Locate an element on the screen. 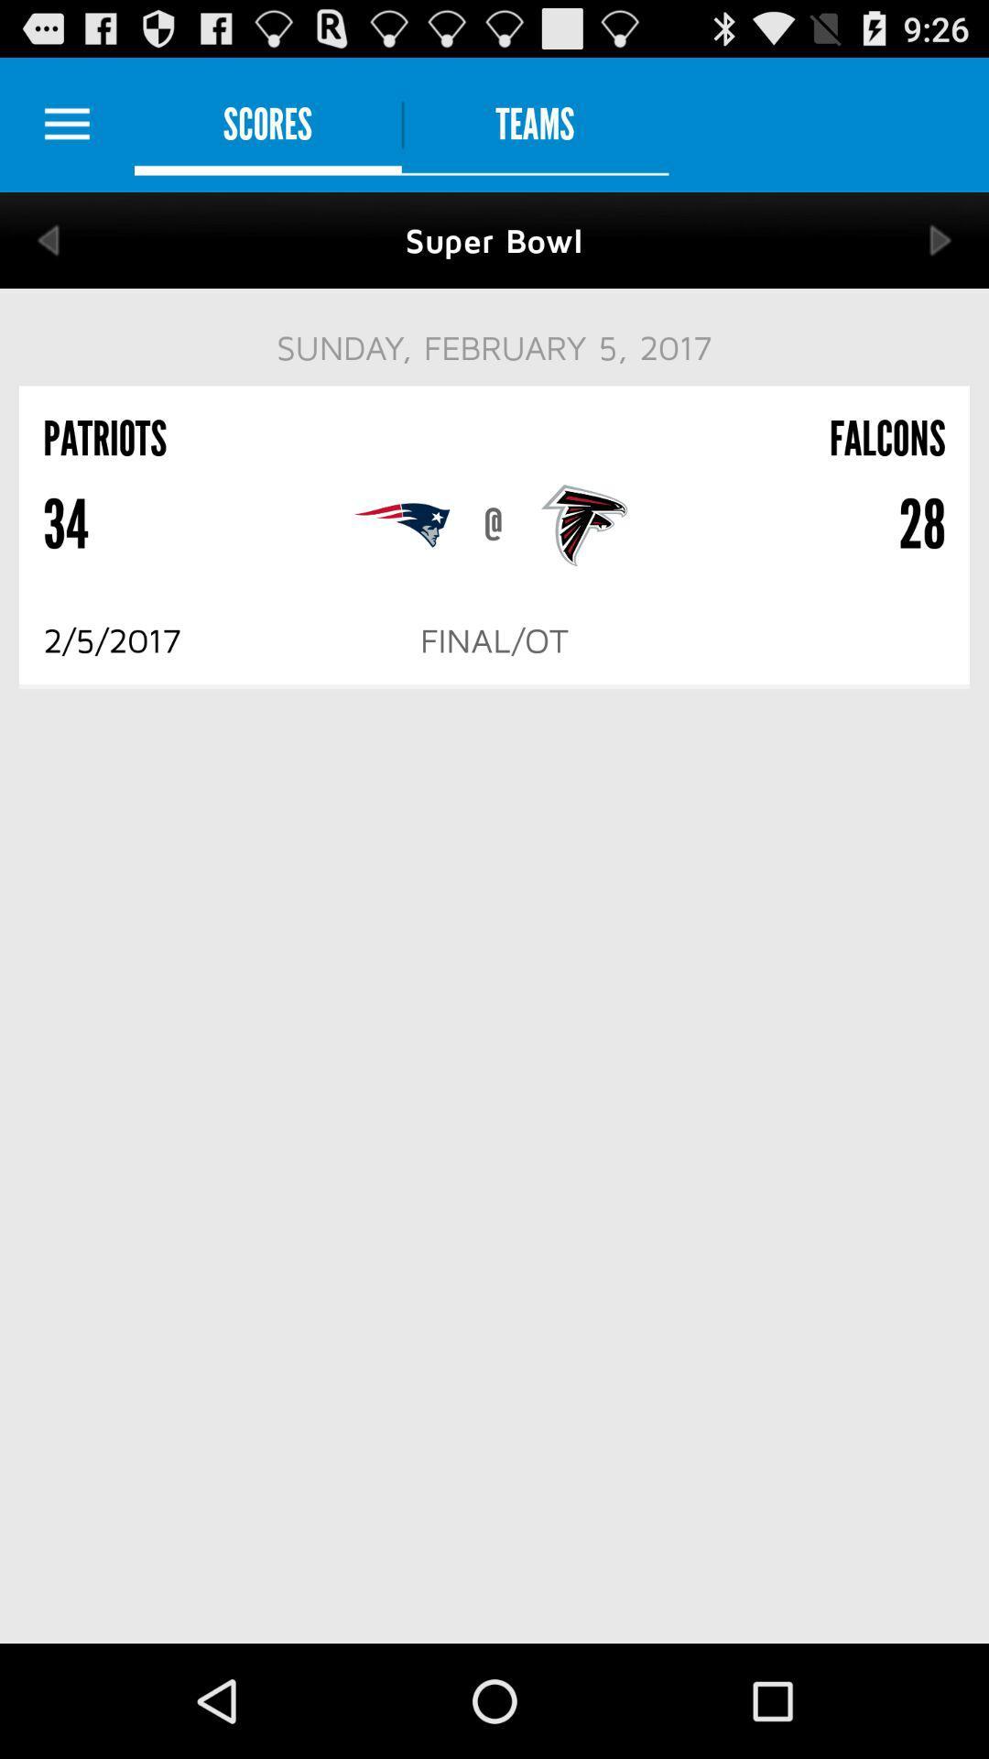 The height and width of the screenshot is (1759, 989). open menu is located at coordinates (66, 124).